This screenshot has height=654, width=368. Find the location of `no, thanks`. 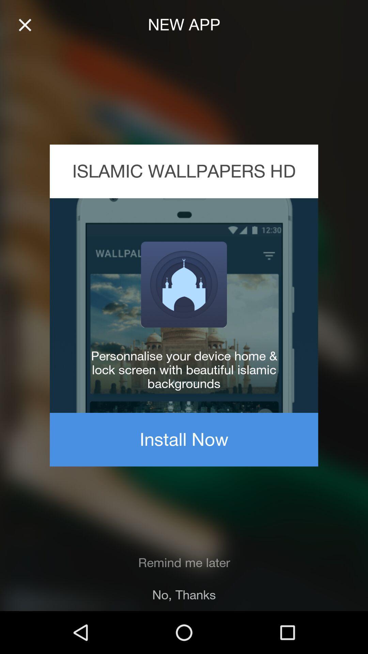

no, thanks is located at coordinates (184, 594).